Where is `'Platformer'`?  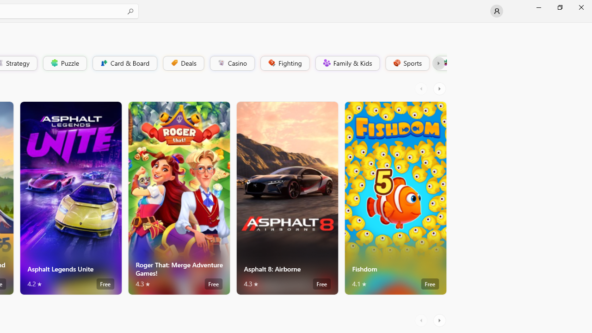
'Platformer' is located at coordinates (440, 62).